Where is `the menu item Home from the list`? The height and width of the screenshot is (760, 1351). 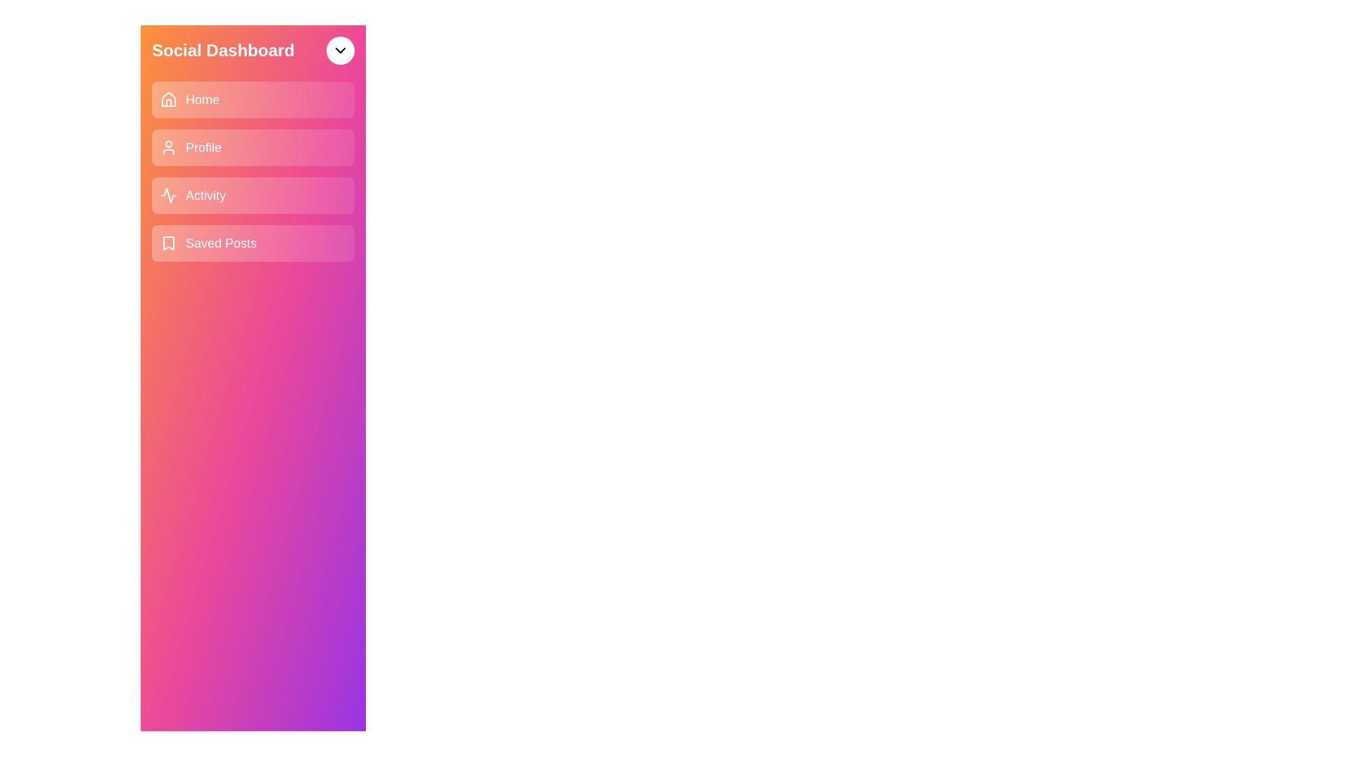
the menu item Home from the list is located at coordinates (253, 99).